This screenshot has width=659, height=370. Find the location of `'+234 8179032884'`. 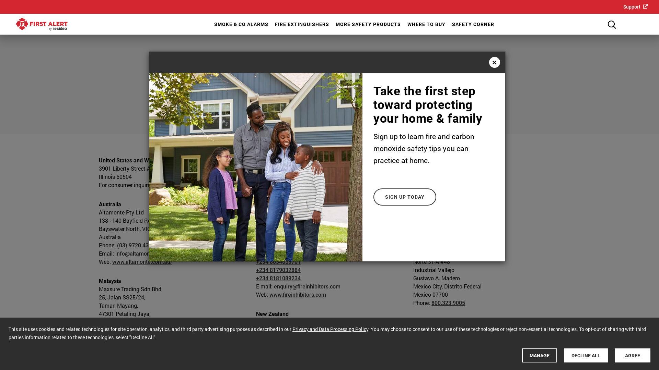

'+234 8179032884' is located at coordinates (255, 269).